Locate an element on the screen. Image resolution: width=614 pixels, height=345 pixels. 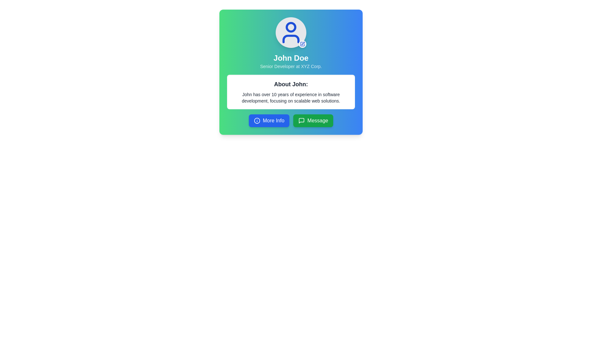
the circular Profile Picture Placeholder with Edit Icon that has a blue outline, located at the top section of the user information card, slightly above the text 'John Doe' is located at coordinates (291, 32).